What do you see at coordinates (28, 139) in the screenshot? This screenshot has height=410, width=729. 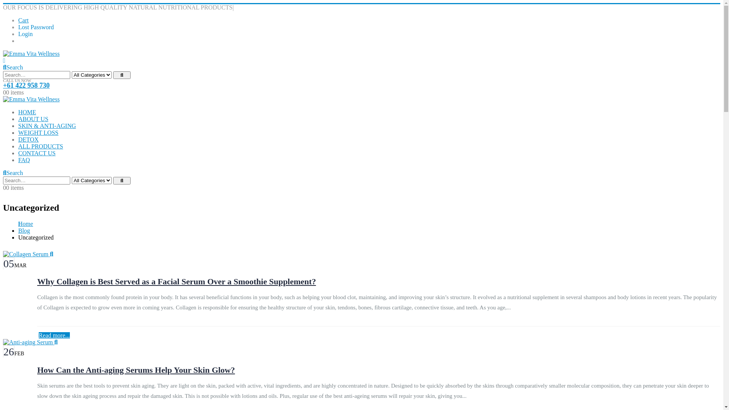 I see `'DETOX'` at bounding box center [28, 139].